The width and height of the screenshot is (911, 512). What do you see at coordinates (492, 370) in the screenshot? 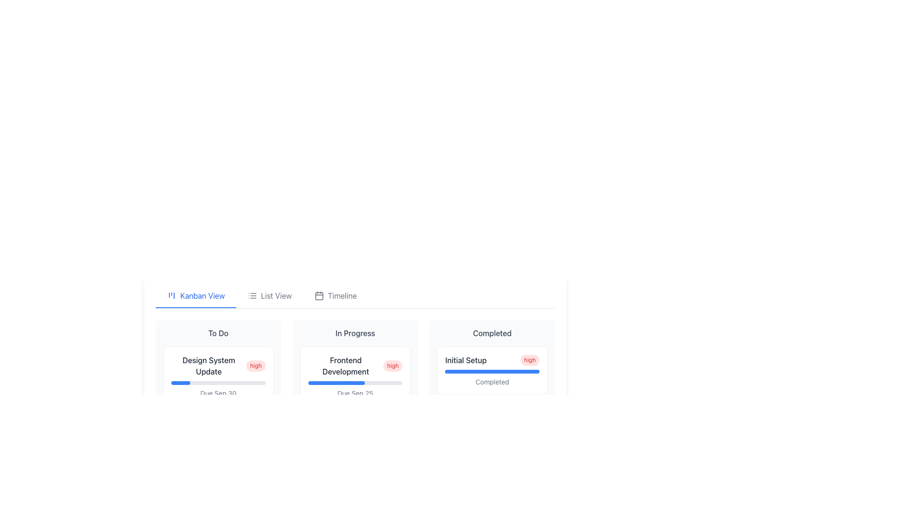
I see `the first card in the 'Completed' section of the Kanban board` at bounding box center [492, 370].